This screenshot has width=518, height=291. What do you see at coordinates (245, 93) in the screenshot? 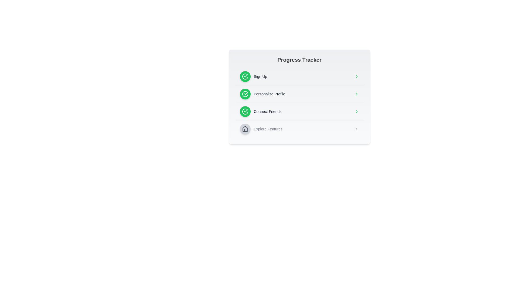
I see `the second circular checkmark icon with a green background indicating successful completion, positioned left of the 'Personalize Profile' label` at bounding box center [245, 93].